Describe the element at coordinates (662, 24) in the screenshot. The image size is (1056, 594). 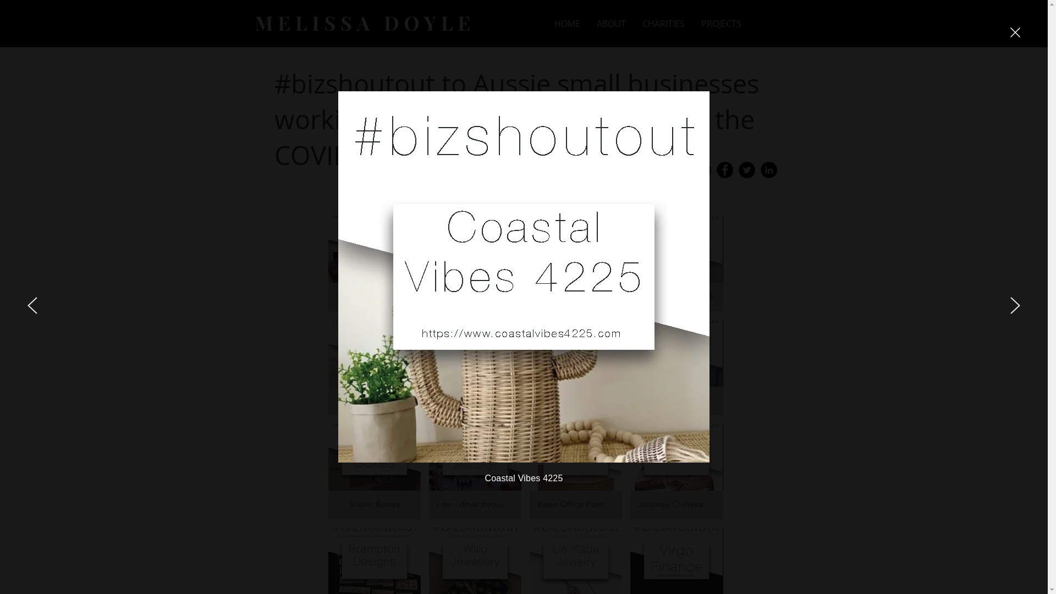
I see `'CHARITIES'` at that location.